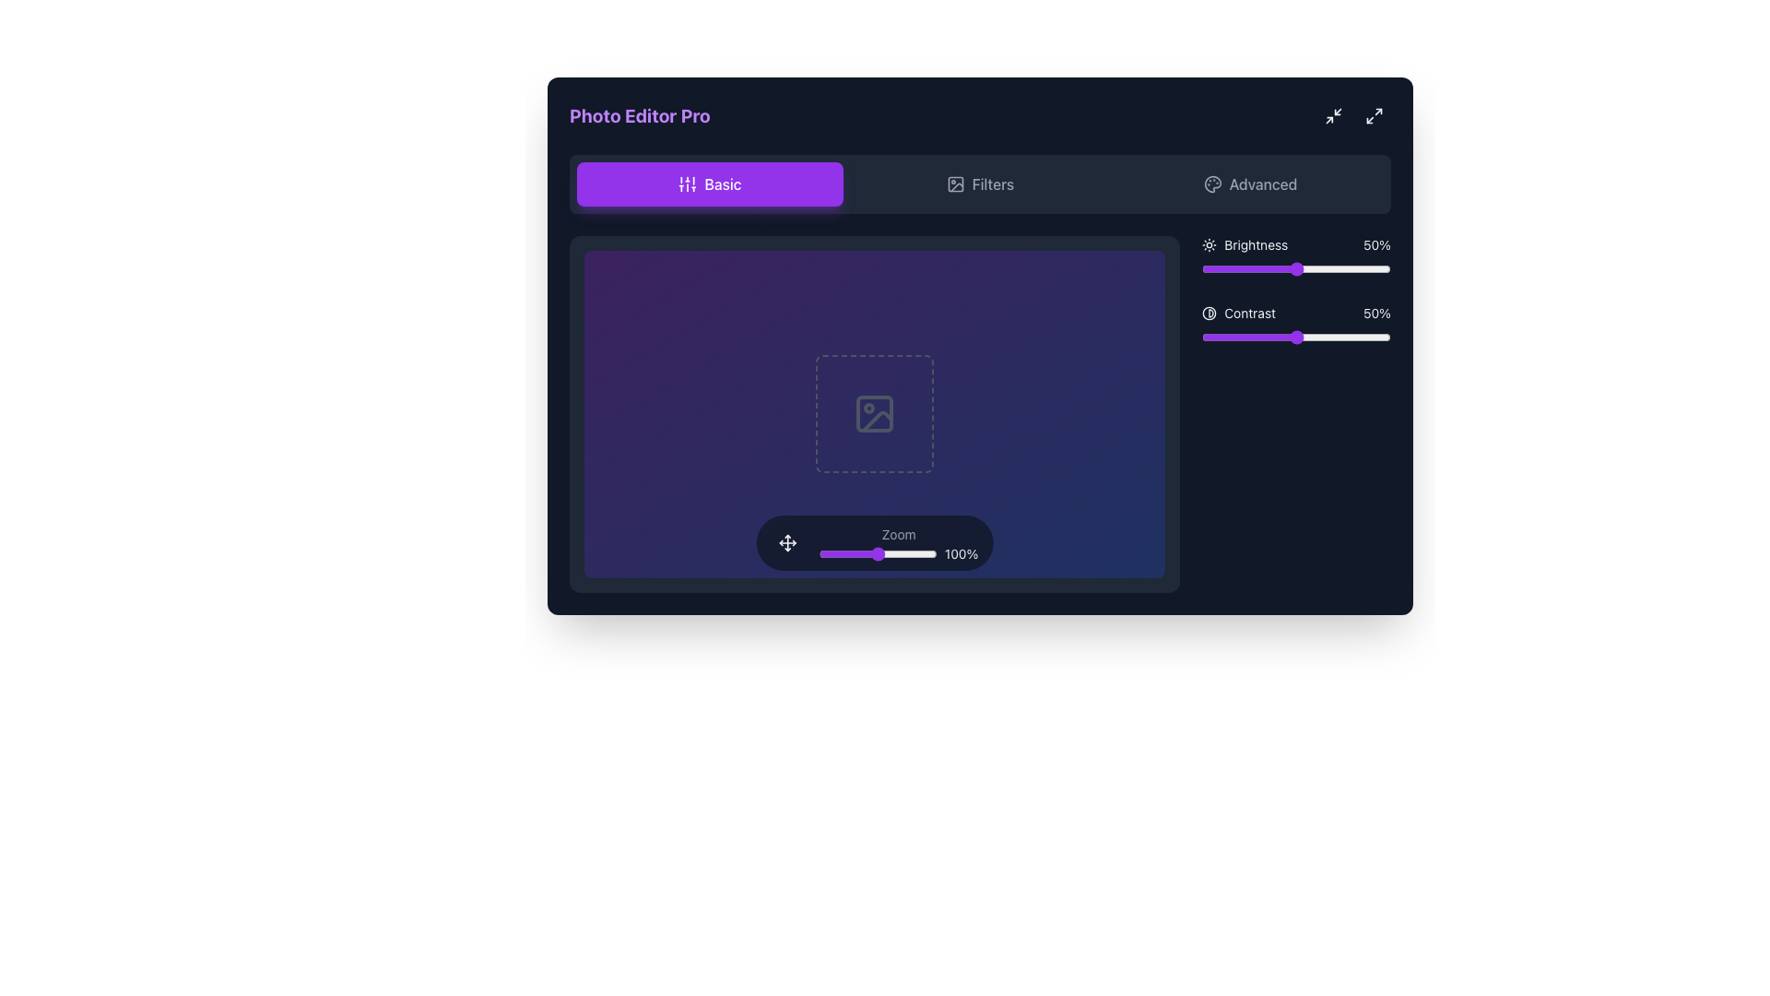 Image resolution: width=1770 pixels, height=996 pixels. I want to click on the zoom level, so click(872, 552).